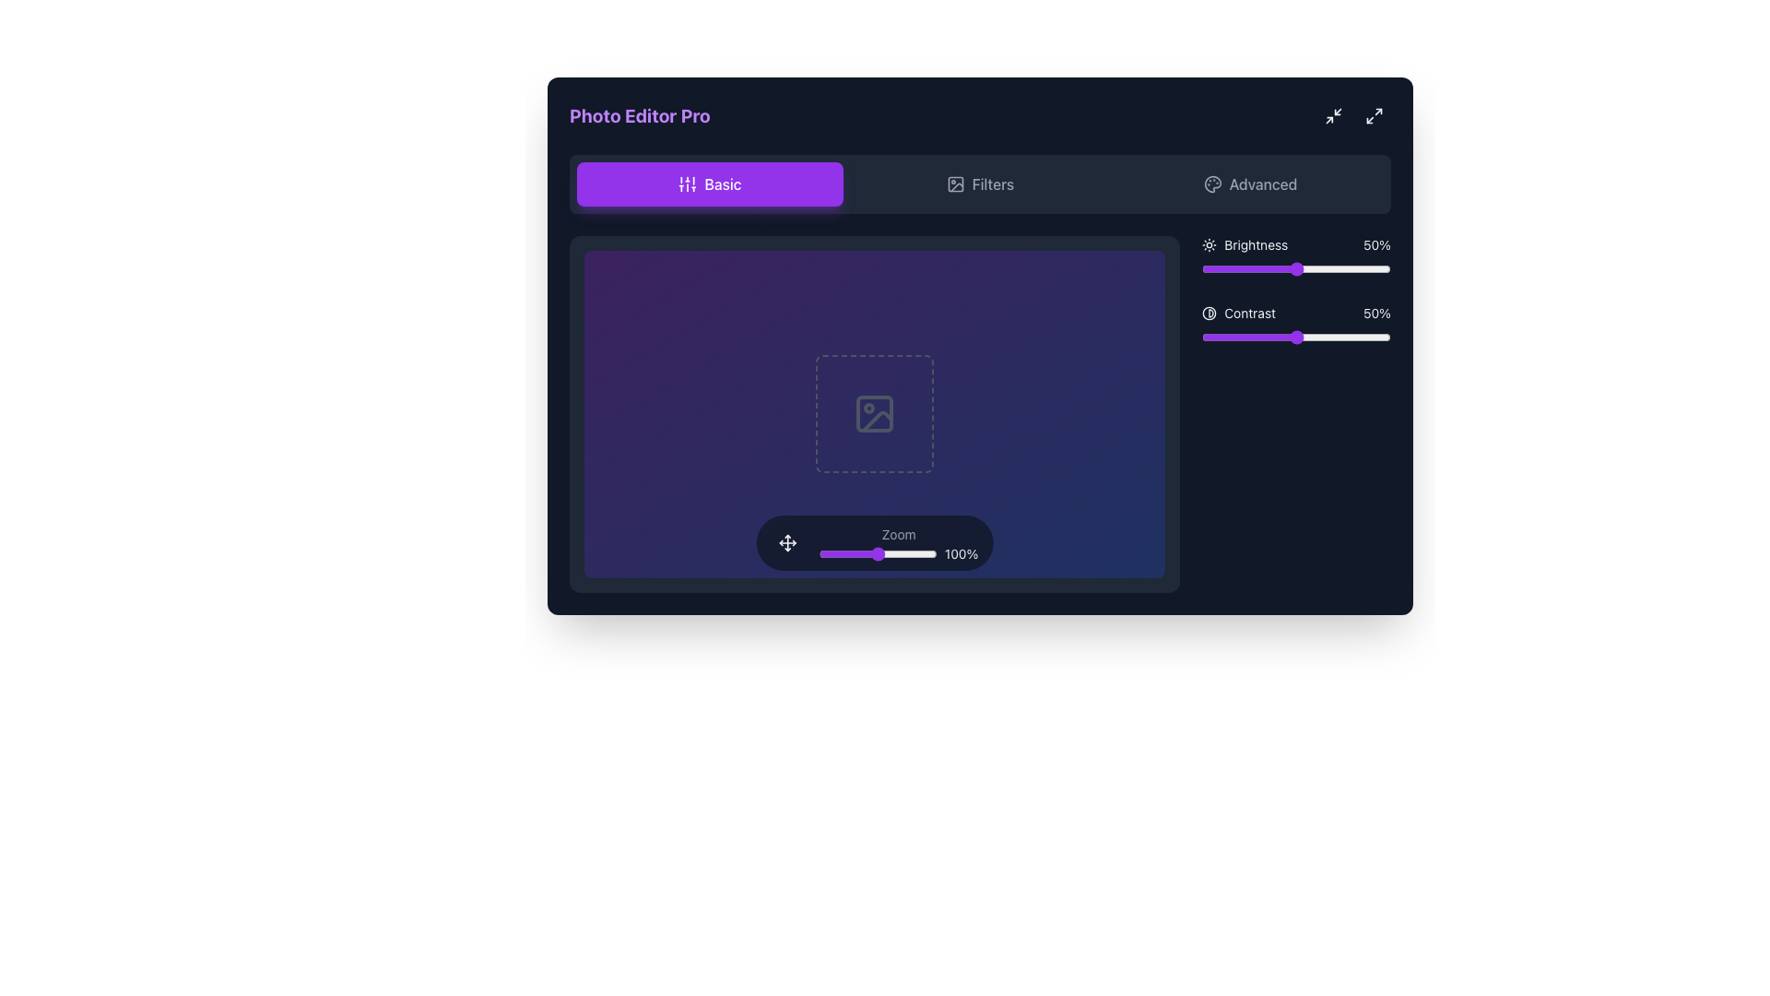 Image resolution: width=1770 pixels, height=996 pixels. I want to click on the zoom level, so click(872, 552).